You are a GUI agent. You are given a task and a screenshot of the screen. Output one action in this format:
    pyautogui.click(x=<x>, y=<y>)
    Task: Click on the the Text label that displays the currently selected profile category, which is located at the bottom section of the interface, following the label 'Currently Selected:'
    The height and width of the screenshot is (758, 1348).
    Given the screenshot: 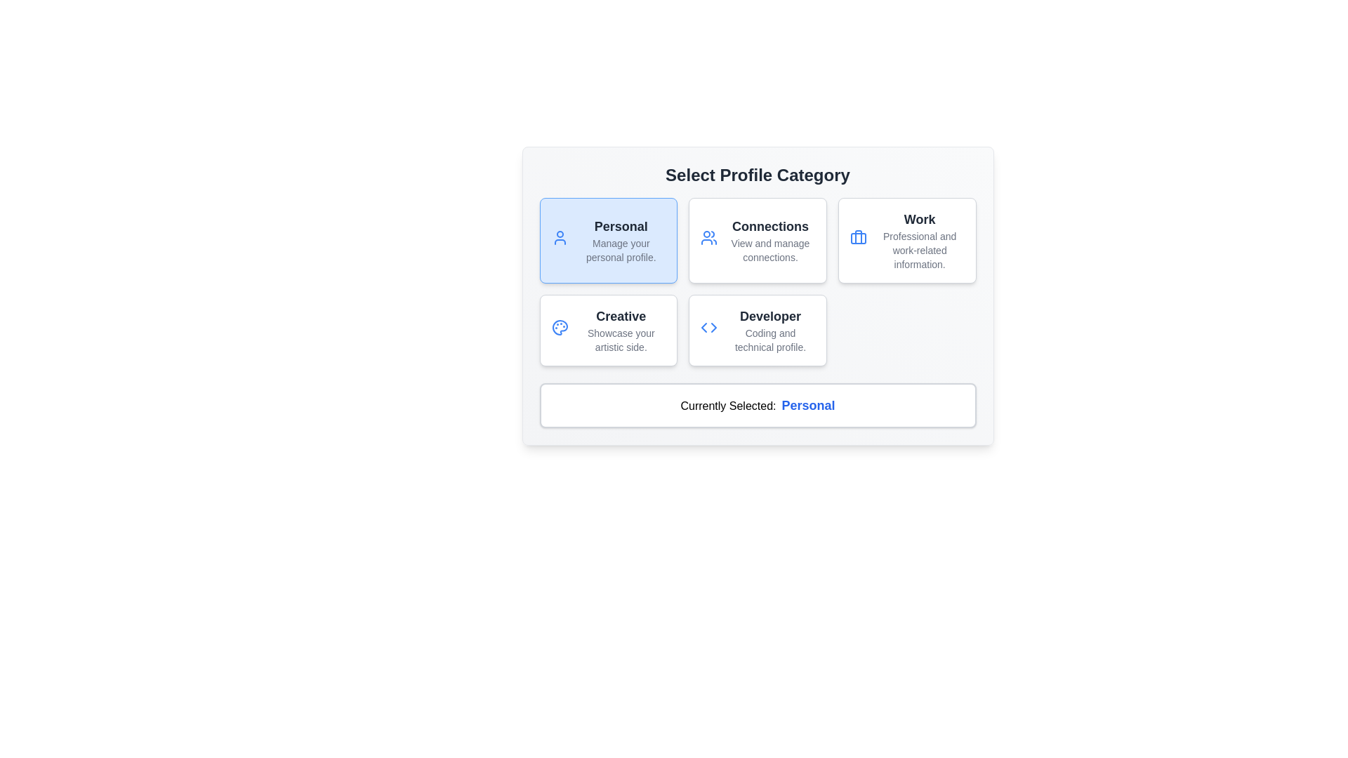 What is the action you would take?
    pyautogui.click(x=808, y=406)
    